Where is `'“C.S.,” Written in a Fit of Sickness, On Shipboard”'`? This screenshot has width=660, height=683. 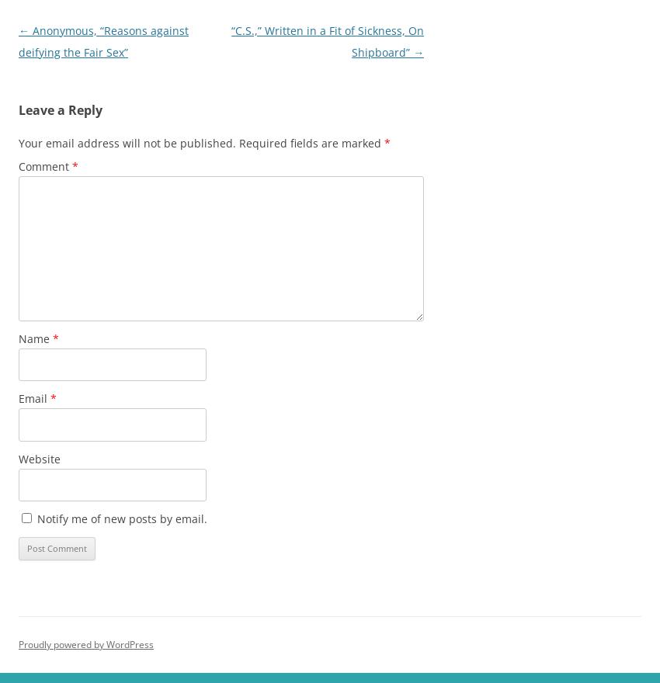 '“C.S.,” Written in a Fit of Sickness, On Shipboard”' is located at coordinates (328, 41).